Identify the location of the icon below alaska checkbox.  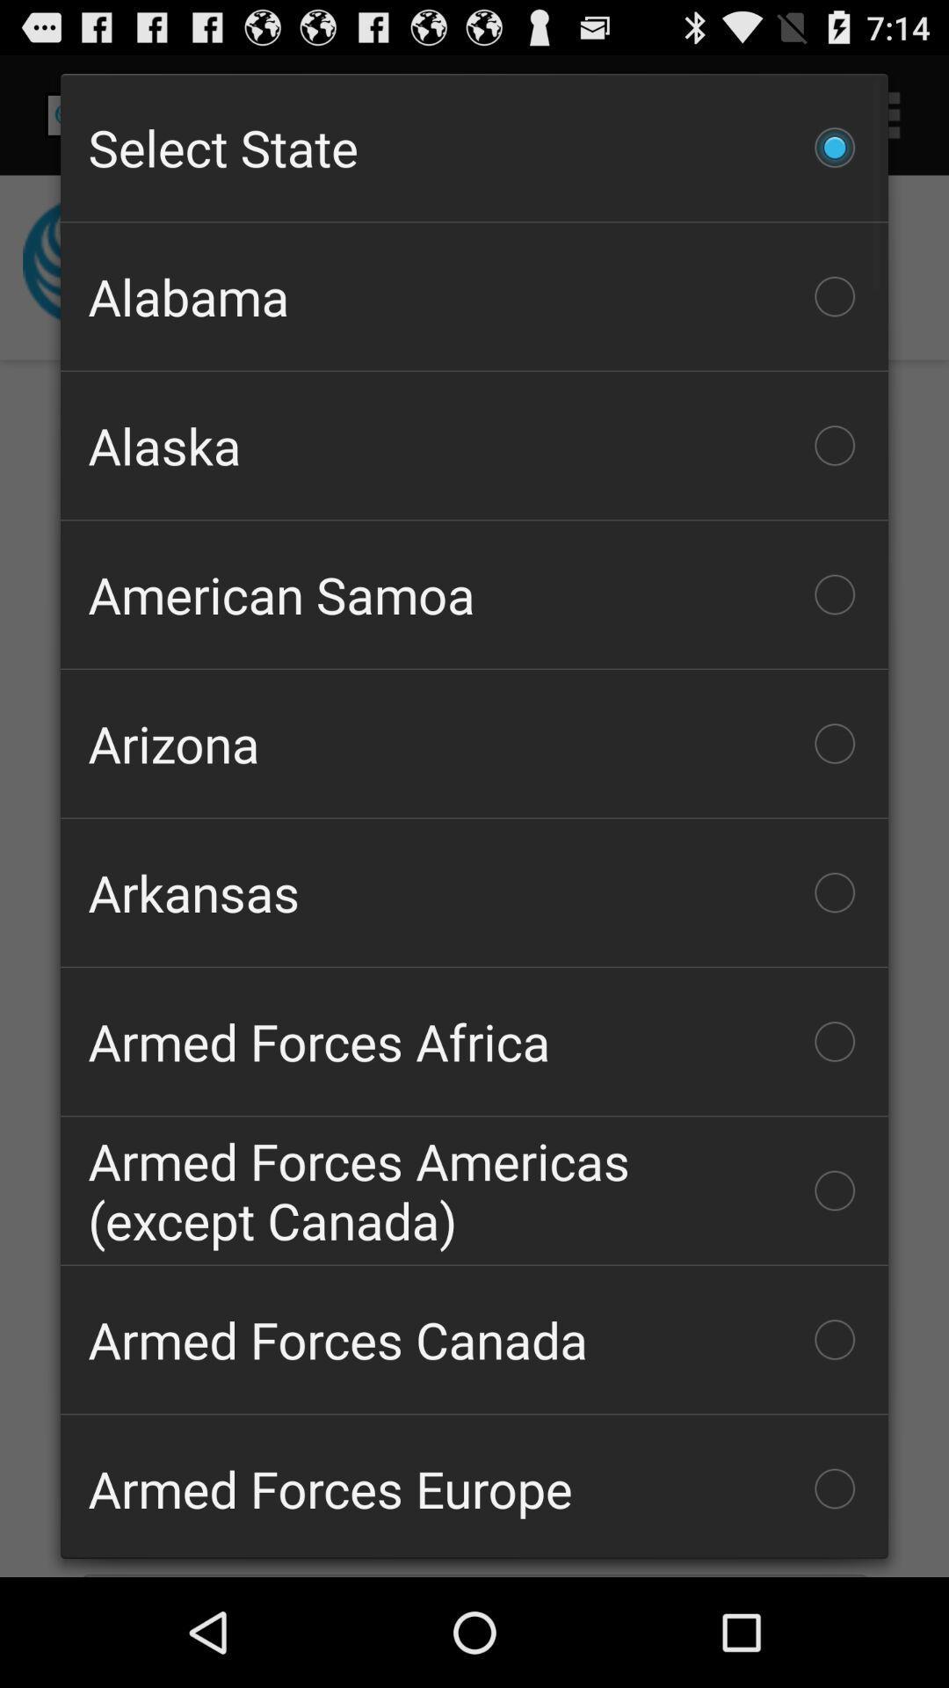
(474, 594).